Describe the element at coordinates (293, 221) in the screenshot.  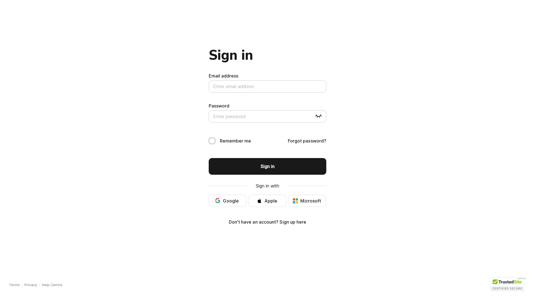
I see `'Sign up here'` at that location.